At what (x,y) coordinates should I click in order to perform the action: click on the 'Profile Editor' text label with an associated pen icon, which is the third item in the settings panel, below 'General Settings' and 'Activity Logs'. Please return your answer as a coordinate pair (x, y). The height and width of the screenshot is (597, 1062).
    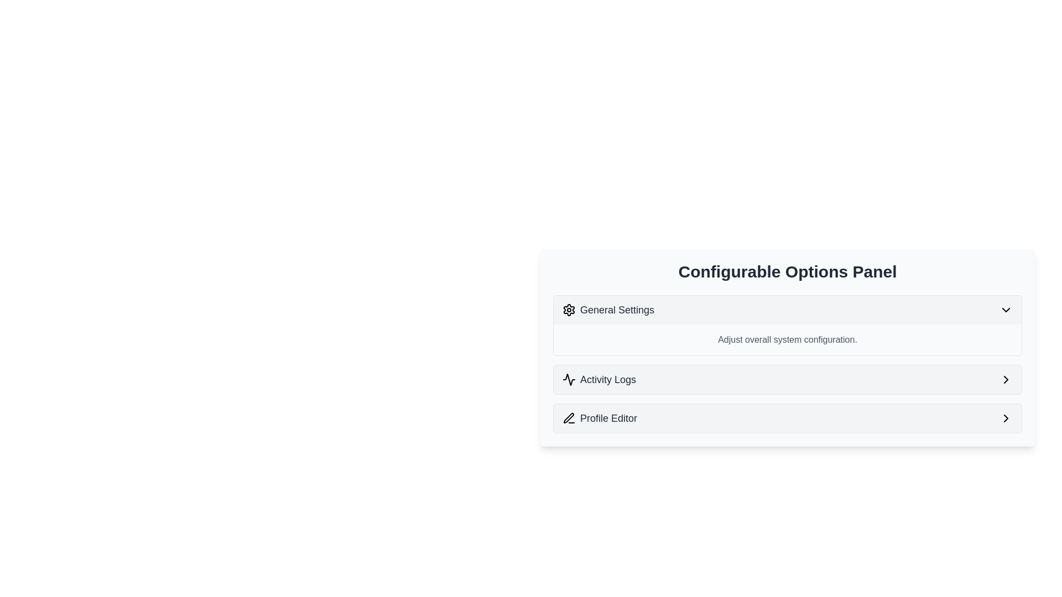
    Looking at the image, I should click on (599, 418).